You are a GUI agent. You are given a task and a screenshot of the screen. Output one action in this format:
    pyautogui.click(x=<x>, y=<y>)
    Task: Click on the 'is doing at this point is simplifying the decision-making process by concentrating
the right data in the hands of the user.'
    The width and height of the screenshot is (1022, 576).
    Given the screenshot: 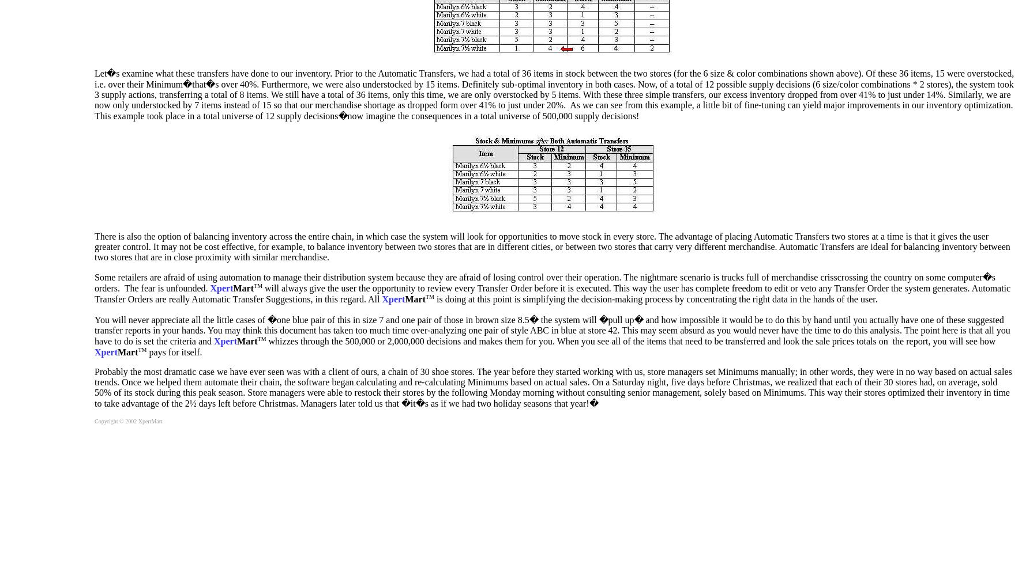 What is the action you would take?
    pyautogui.click(x=656, y=299)
    